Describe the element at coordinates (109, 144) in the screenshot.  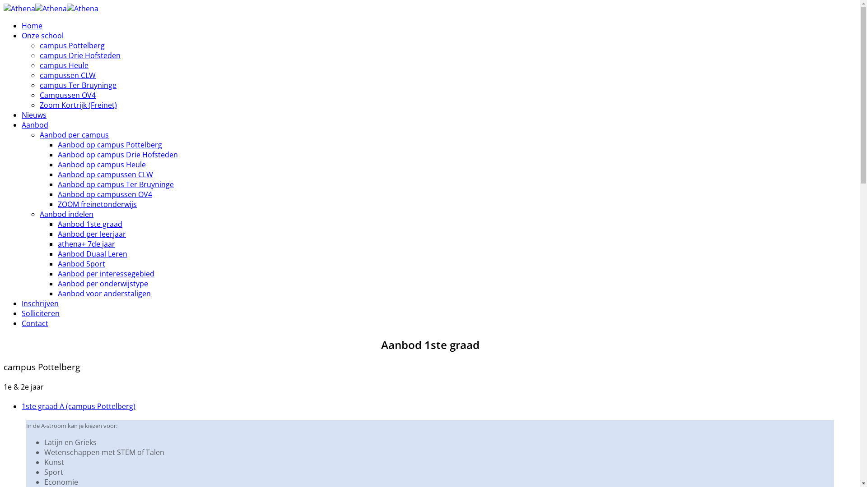
I see `'Aanbod op campus Pottelberg'` at that location.